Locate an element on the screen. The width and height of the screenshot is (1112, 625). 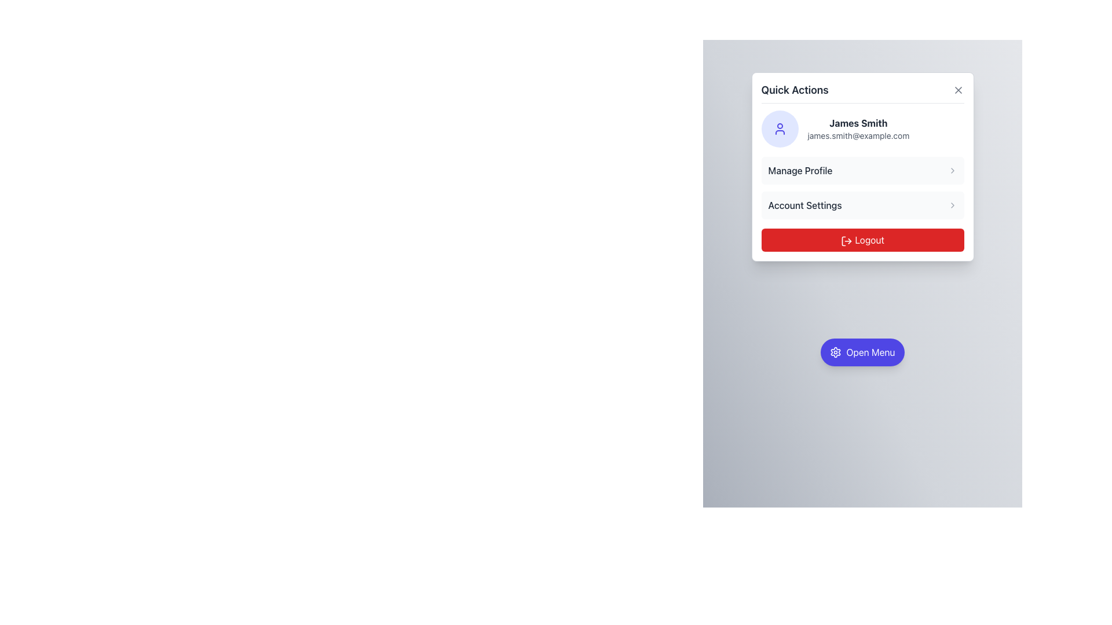
the arrow icon pointing is located at coordinates (952, 204).